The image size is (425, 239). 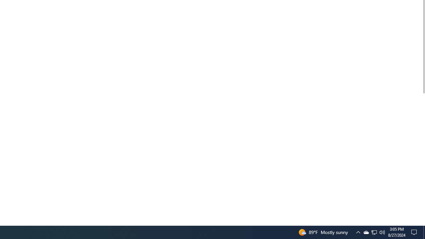 What do you see at coordinates (422, 223) in the screenshot?
I see `'Vertical Small Increase'` at bounding box center [422, 223].